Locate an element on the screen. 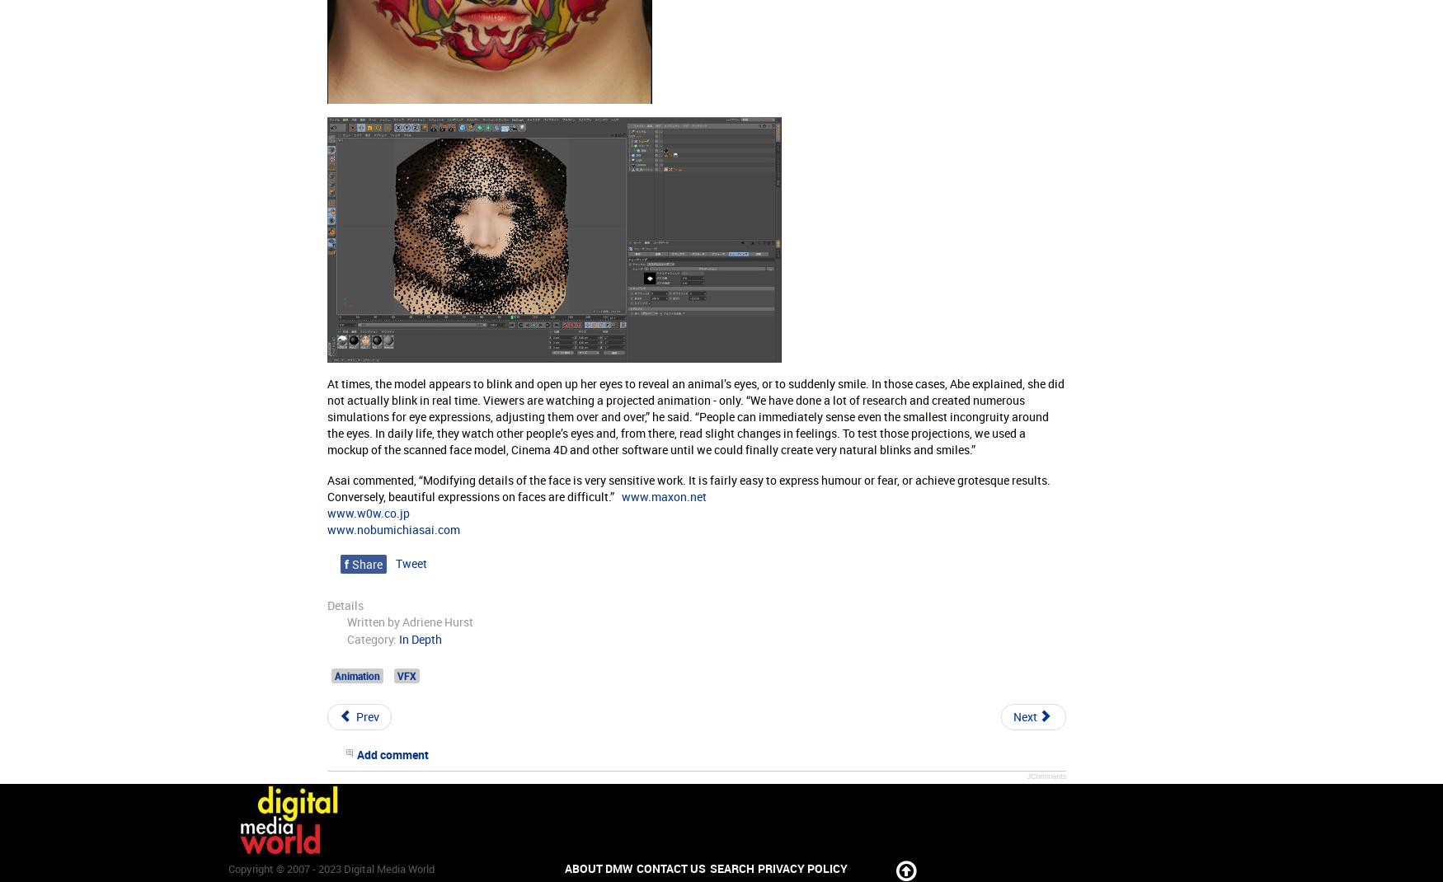 The width and height of the screenshot is (1443, 882). 'www.nobumichiasai.com' is located at coordinates (392, 529).